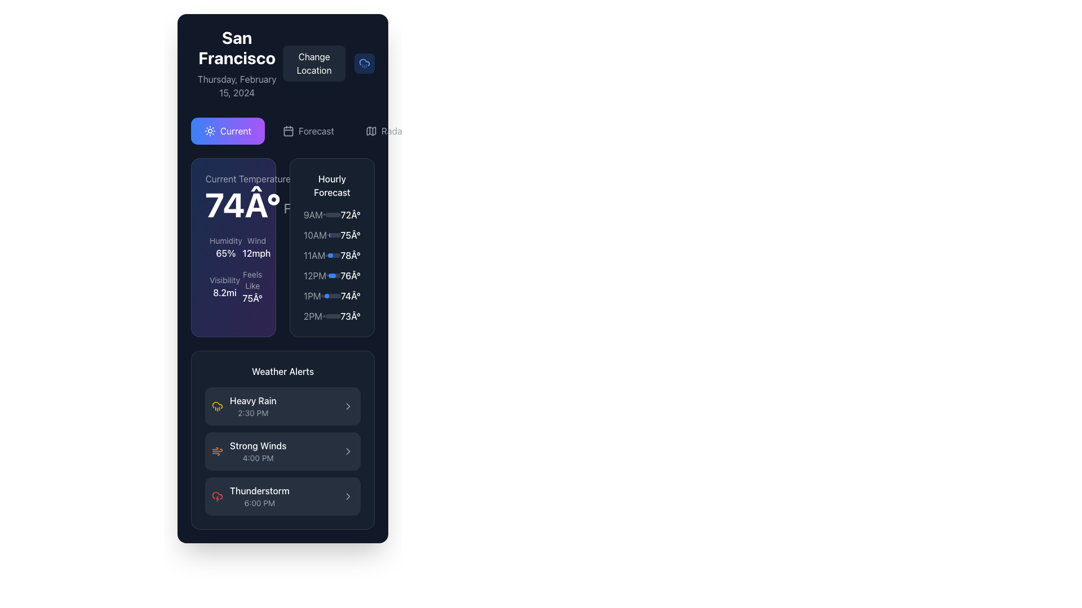 The image size is (1082, 608). I want to click on the weather alert icon located at the far left of the 'Alerts' group, which visually represents conditions involving a cloud and lightning, so click(442, 130).